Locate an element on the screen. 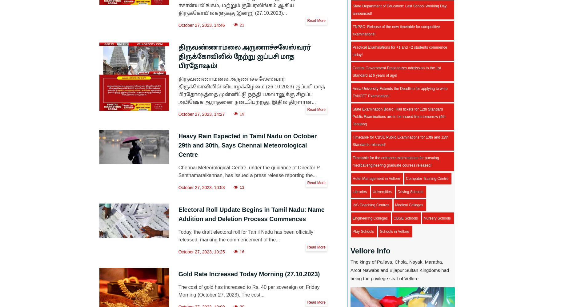 The height and width of the screenshot is (307, 565). 'Libraries' is located at coordinates (359, 192).